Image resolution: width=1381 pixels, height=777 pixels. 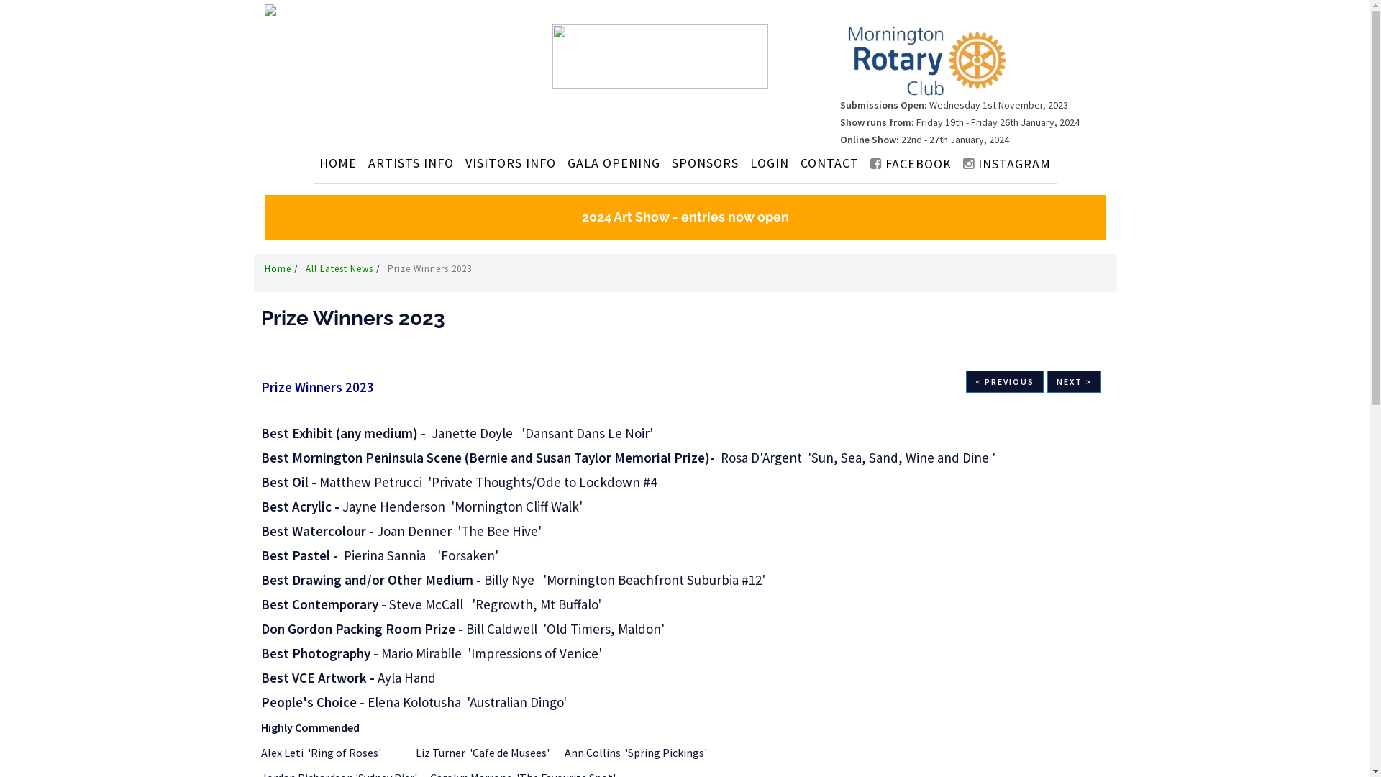 I want to click on 'LOGIN', so click(x=746, y=162).